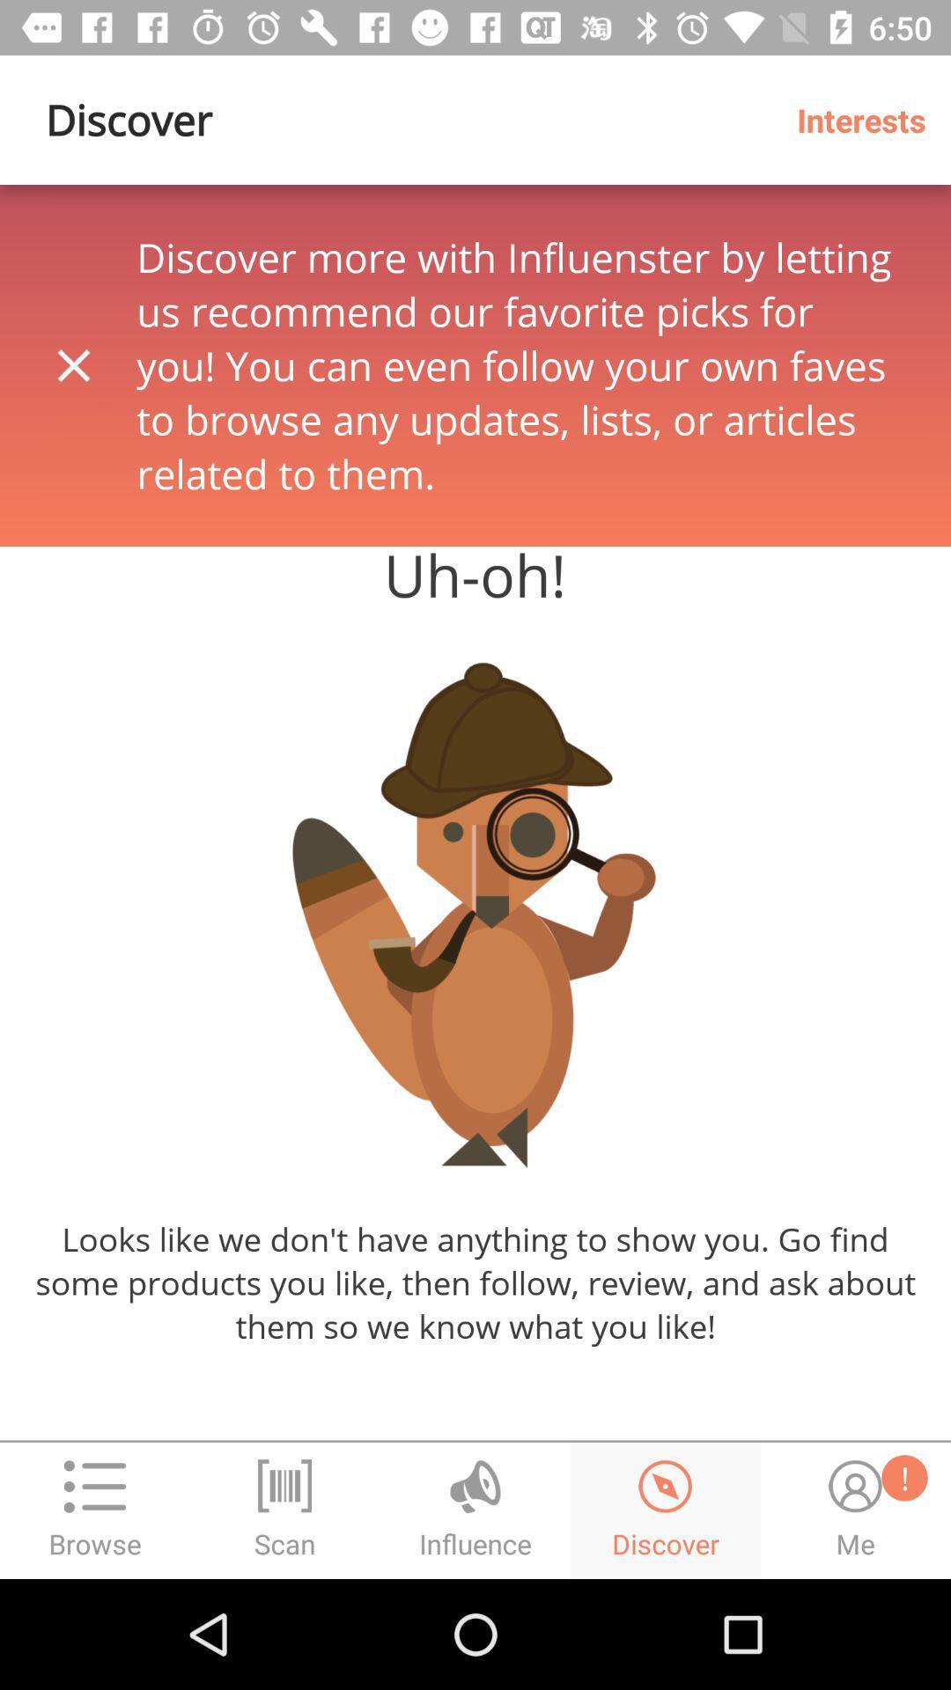 Image resolution: width=951 pixels, height=1690 pixels. Describe the element at coordinates (73, 364) in the screenshot. I see `the close icon` at that location.